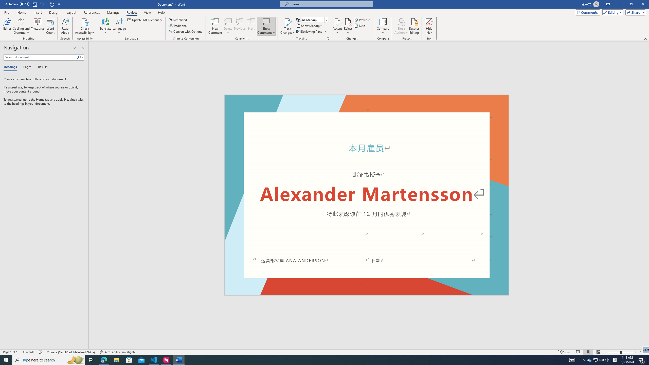  I want to click on 'Language', so click(119, 26).